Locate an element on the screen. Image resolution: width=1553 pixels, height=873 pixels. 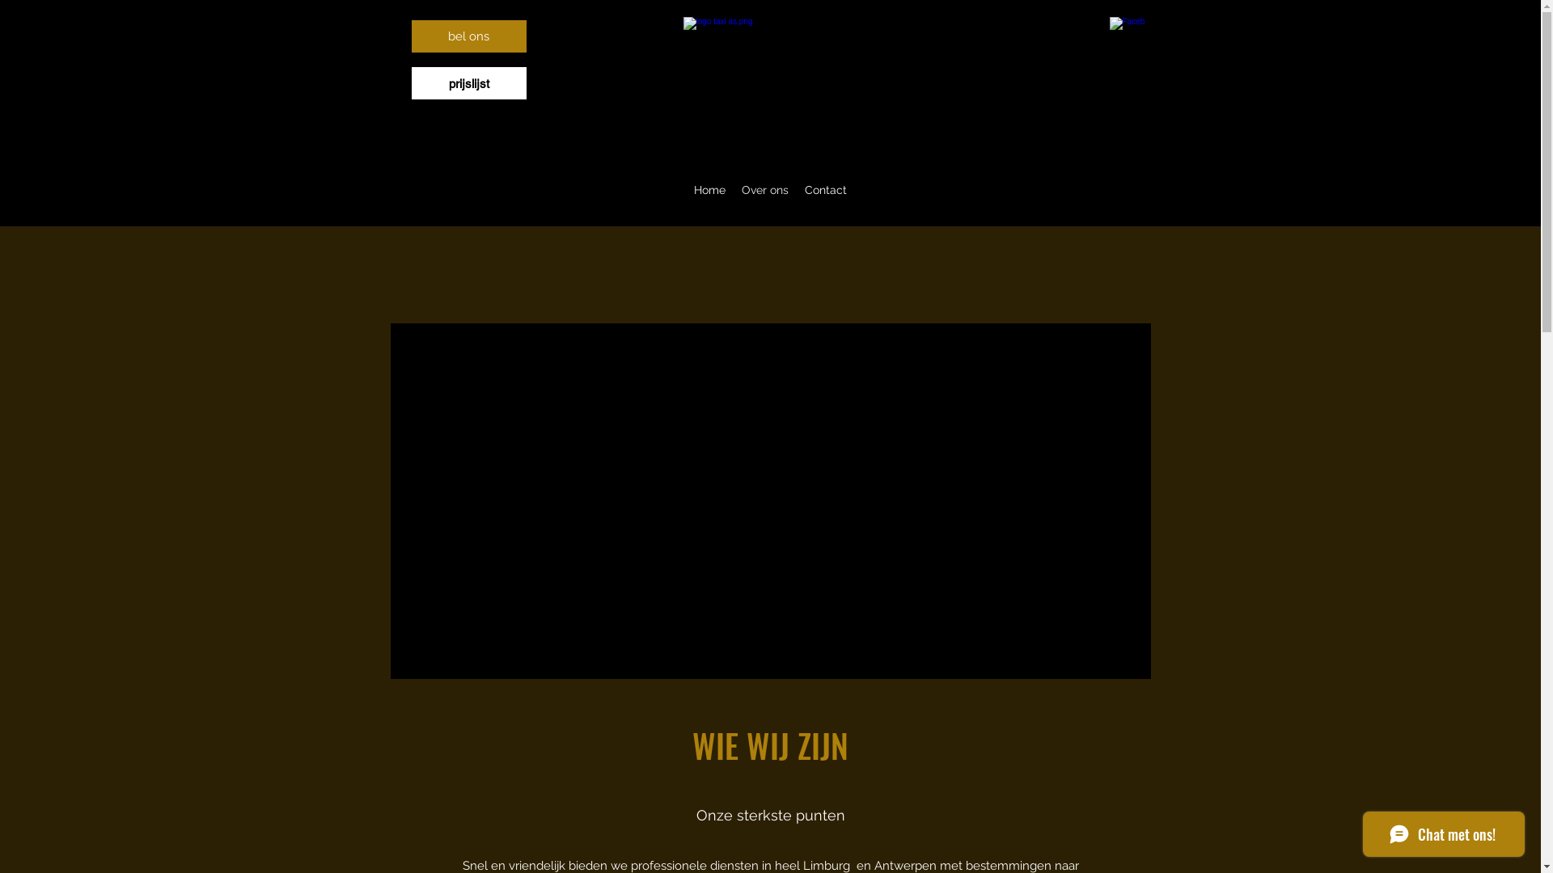
'Over ons' is located at coordinates (764, 189).